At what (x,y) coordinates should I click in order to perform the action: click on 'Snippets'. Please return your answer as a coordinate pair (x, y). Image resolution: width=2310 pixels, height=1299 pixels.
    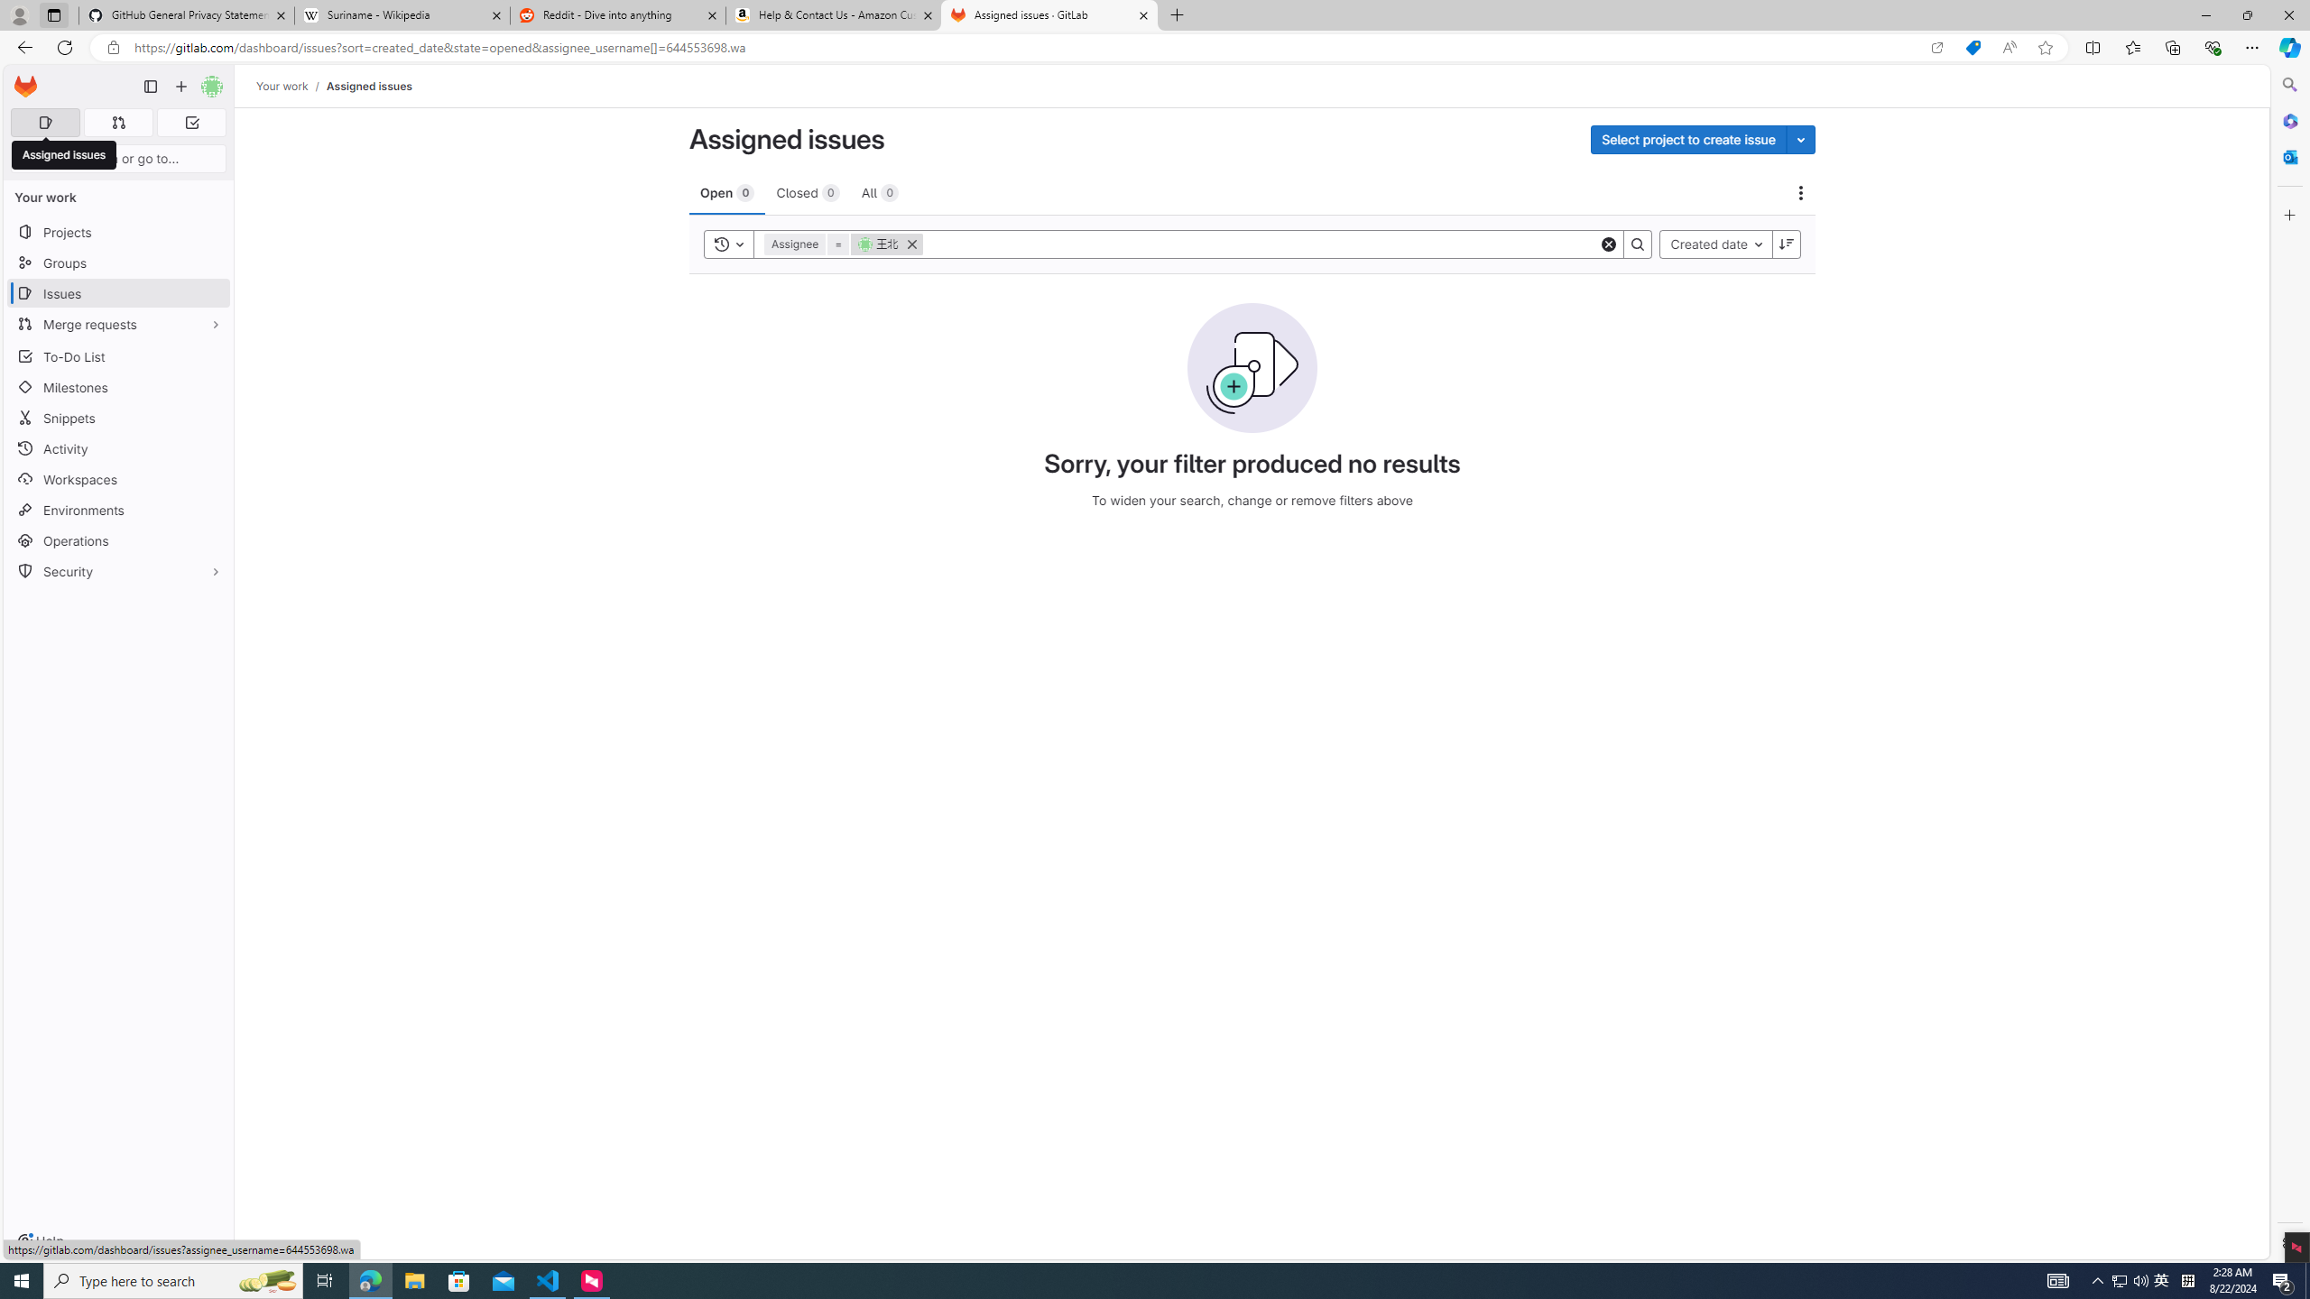
    Looking at the image, I should click on (117, 417).